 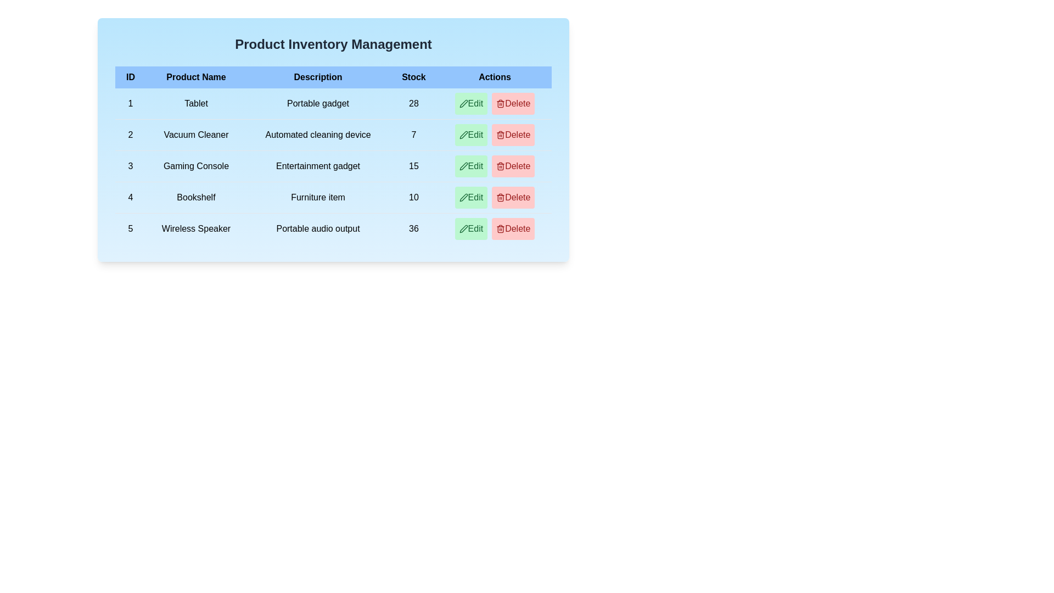 I want to click on the second column header of the table, which indicates product names, so click(x=196, y=77).